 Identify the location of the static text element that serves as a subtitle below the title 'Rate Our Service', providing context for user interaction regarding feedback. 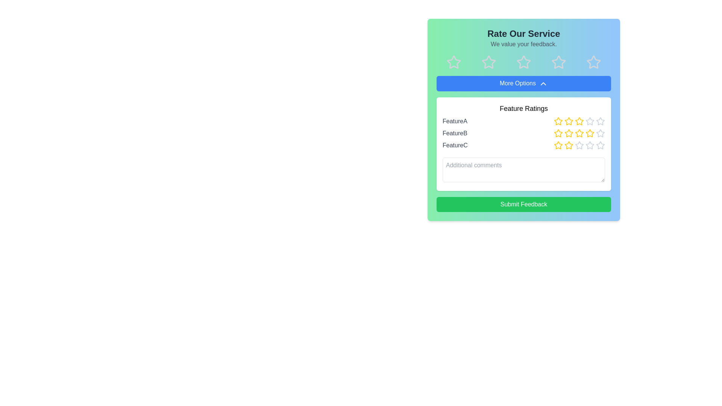
(523, 44).